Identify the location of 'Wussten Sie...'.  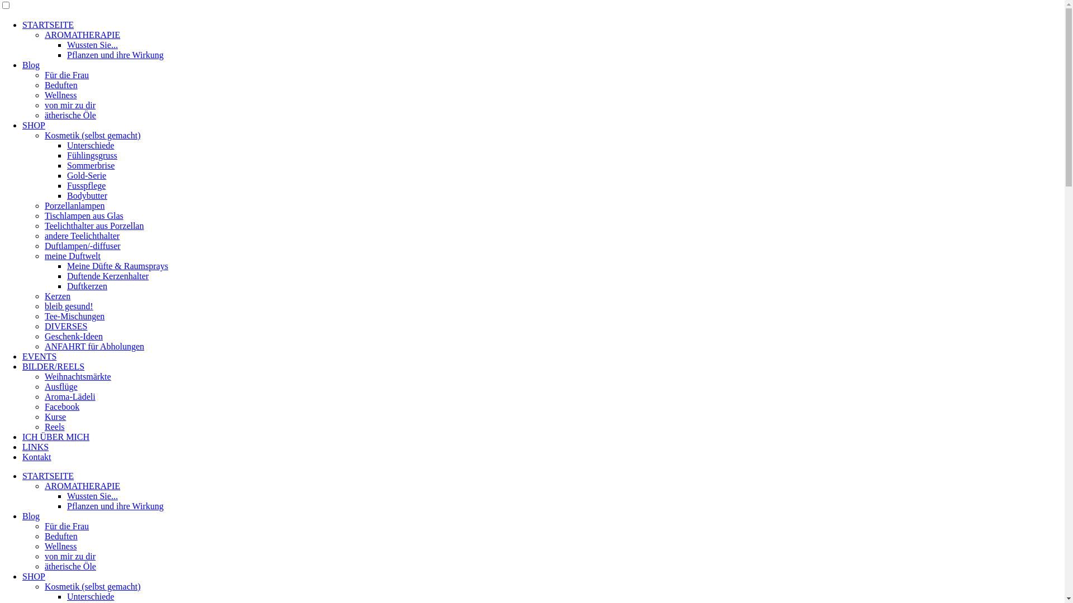
(92, 44).